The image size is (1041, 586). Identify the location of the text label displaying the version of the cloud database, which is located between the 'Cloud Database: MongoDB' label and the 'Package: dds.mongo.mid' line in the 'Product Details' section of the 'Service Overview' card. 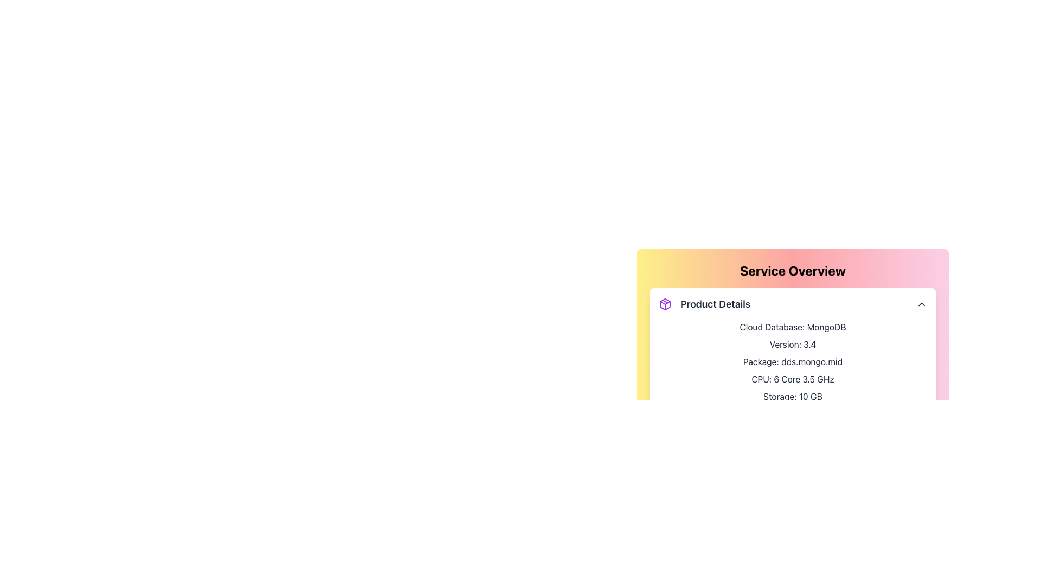
(793, 345).